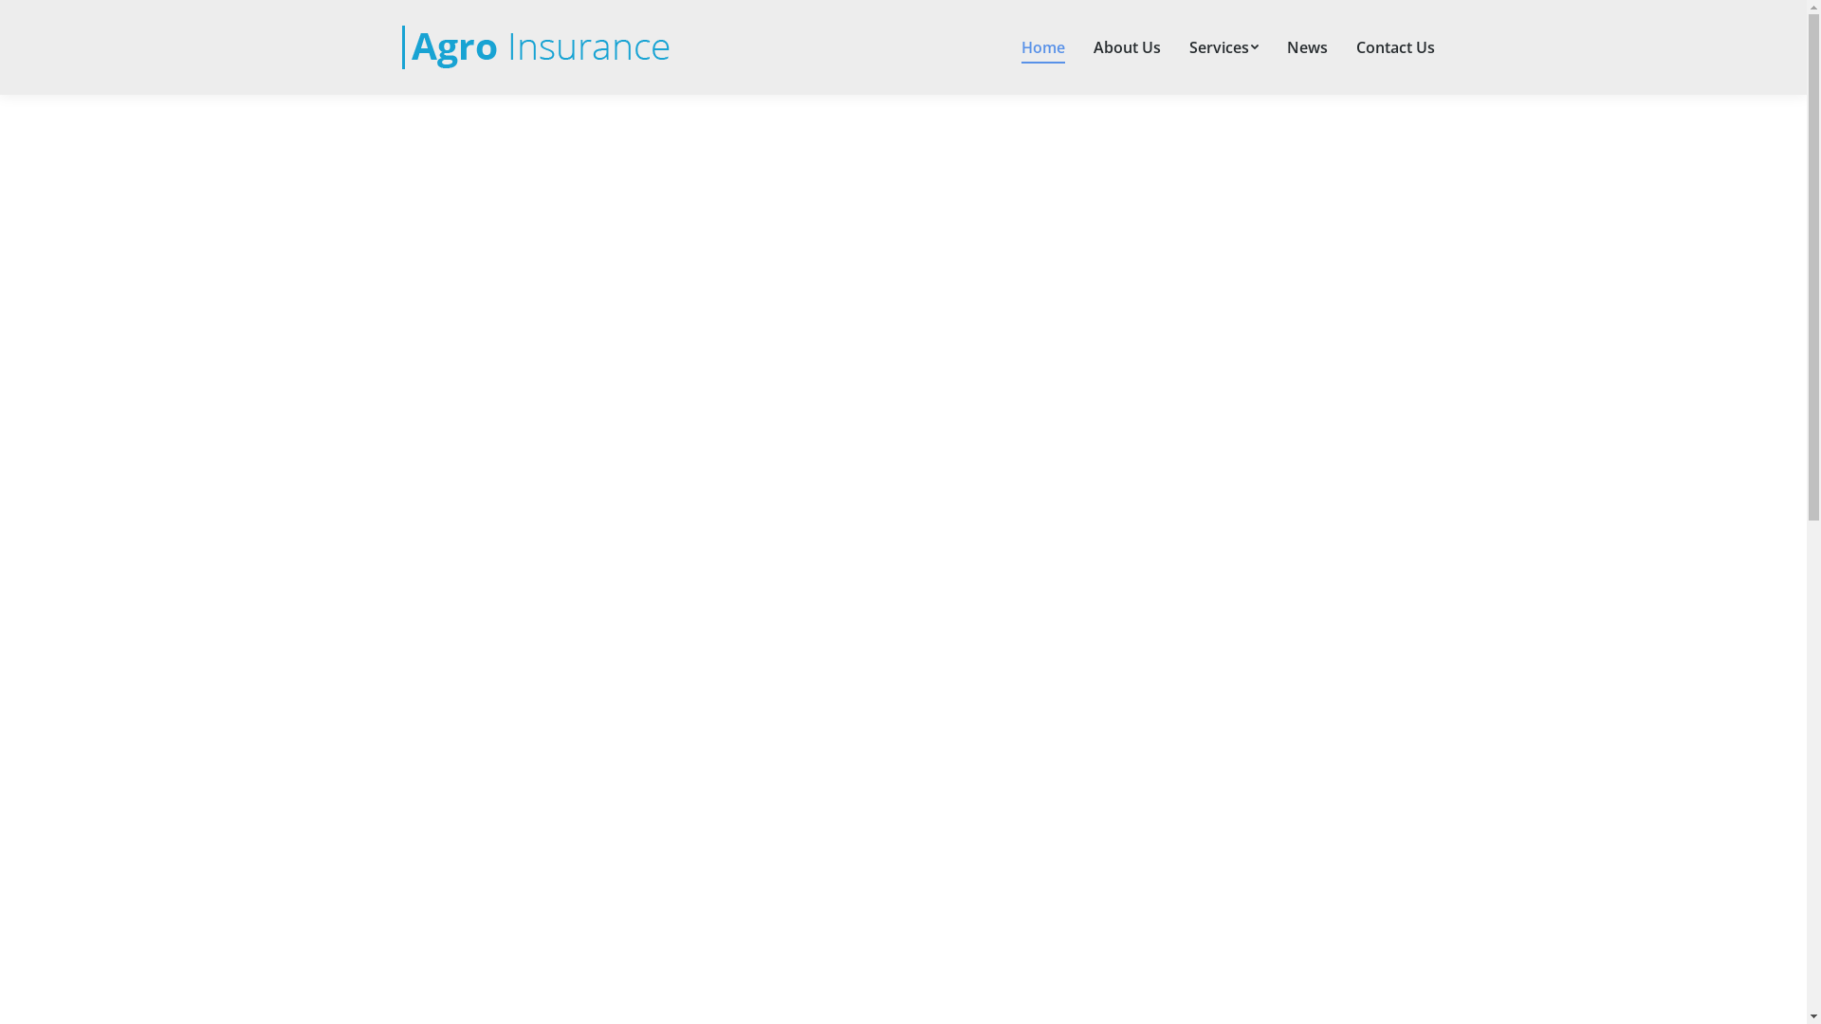  I want to click on 'Home', so click(1041, 46).